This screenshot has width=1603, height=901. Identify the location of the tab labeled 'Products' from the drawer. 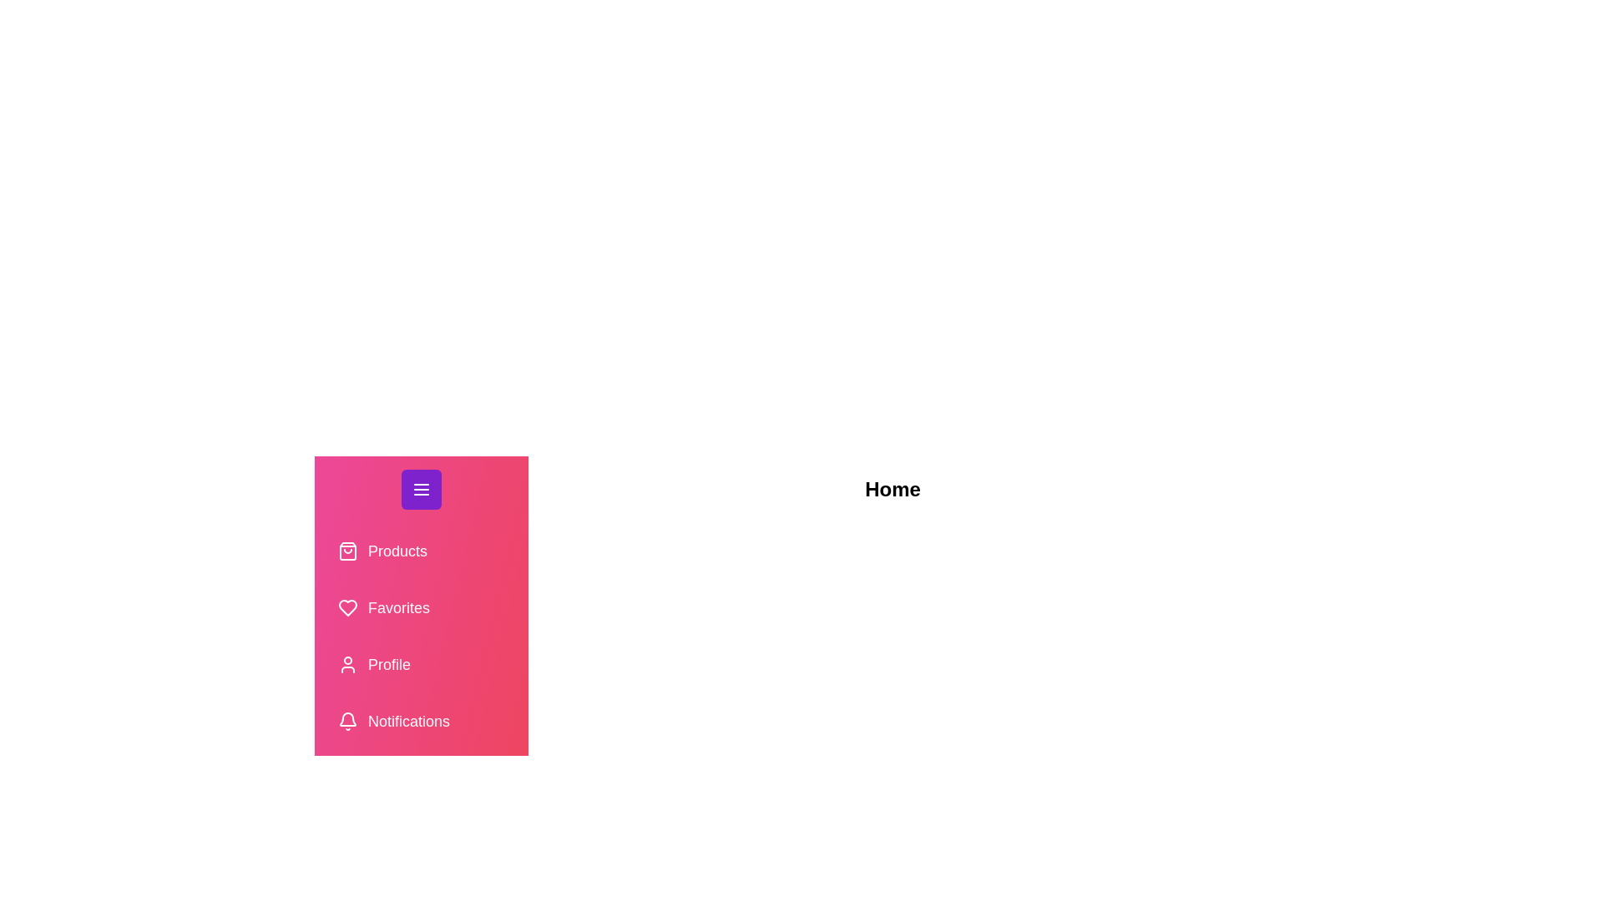
(421, 551).